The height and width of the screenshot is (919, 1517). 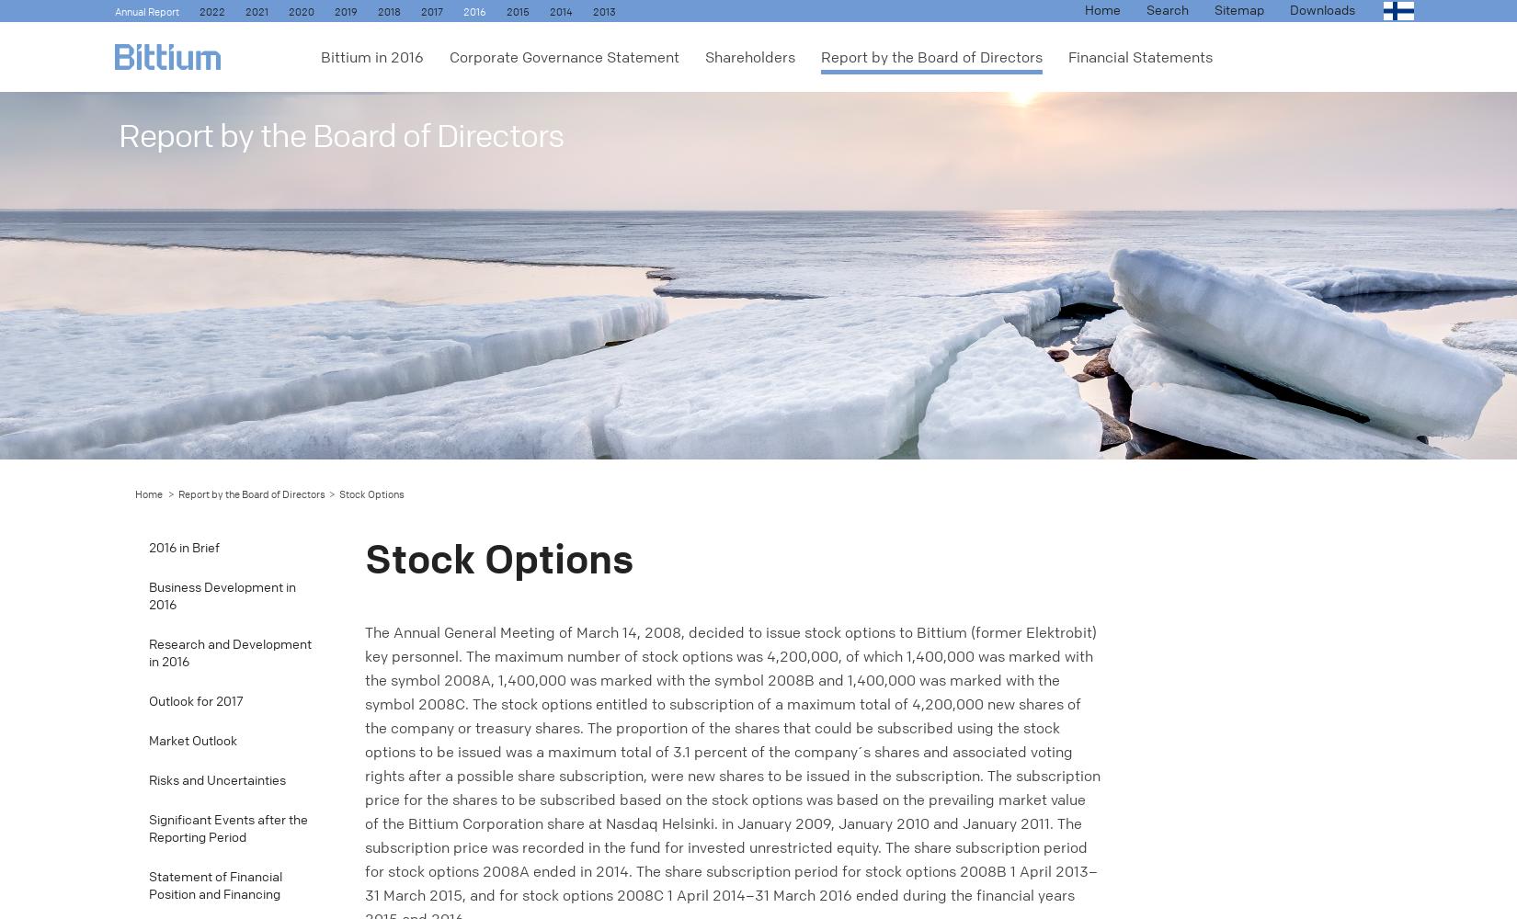 What do you see at coordinates (591, 12) in the screenshot?
I see `'2013'` at bounding box center [591, 12].